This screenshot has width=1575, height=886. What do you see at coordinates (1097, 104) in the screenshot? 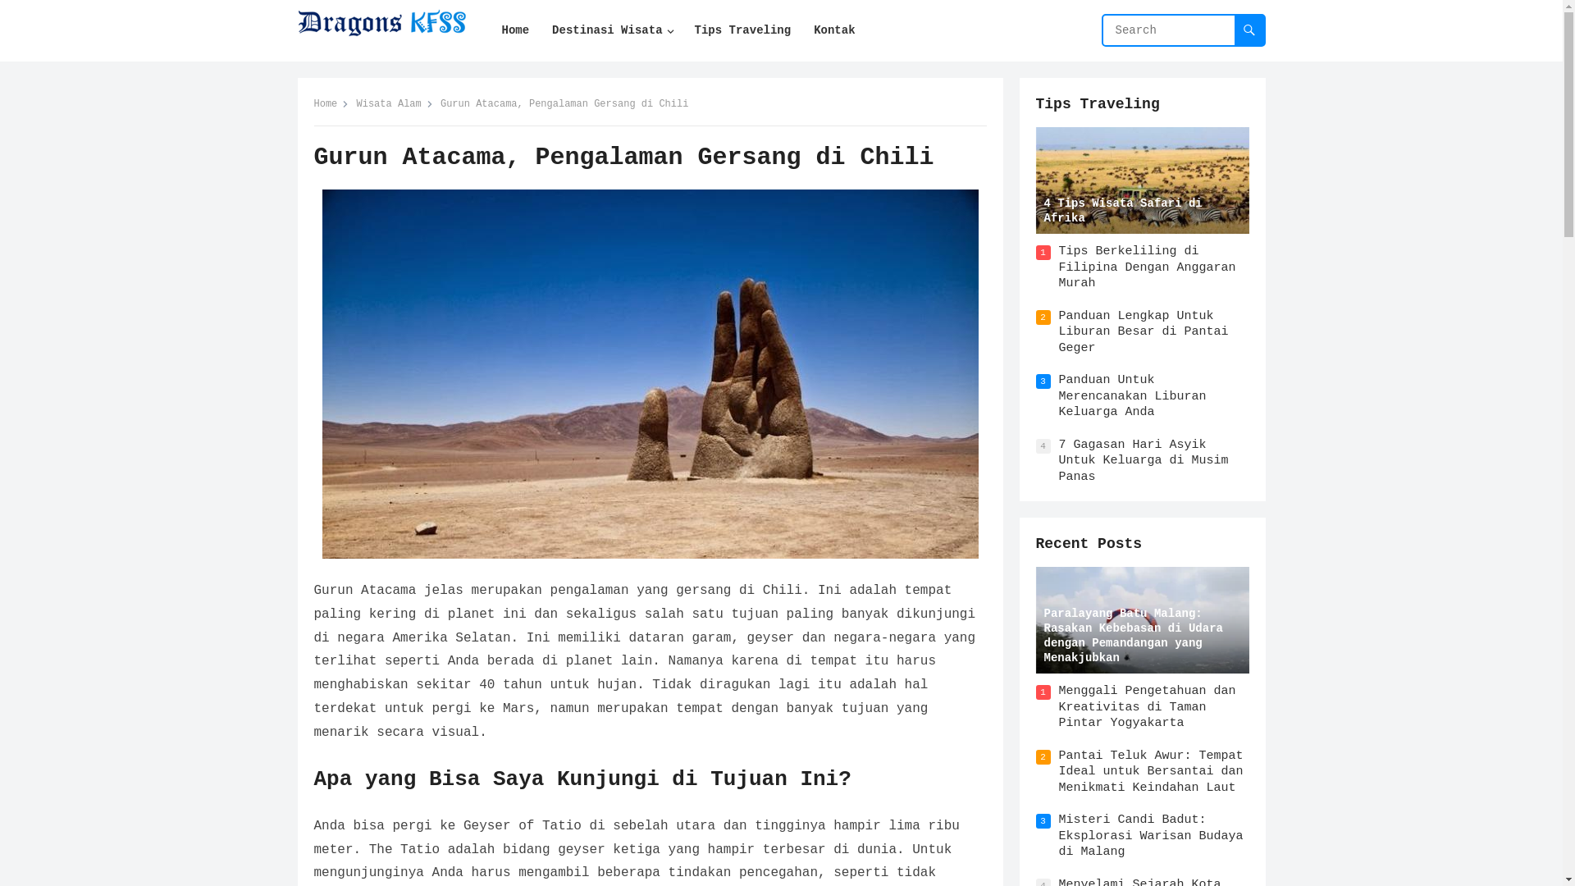
I see `'Tips Traveling'` at bounding box center [1097, 104].